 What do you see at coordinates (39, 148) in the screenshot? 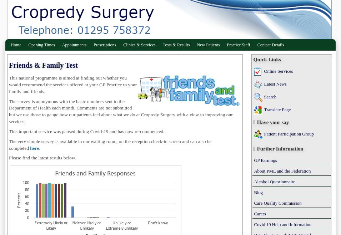
I see `'.'` at bounding box center [39, 148].